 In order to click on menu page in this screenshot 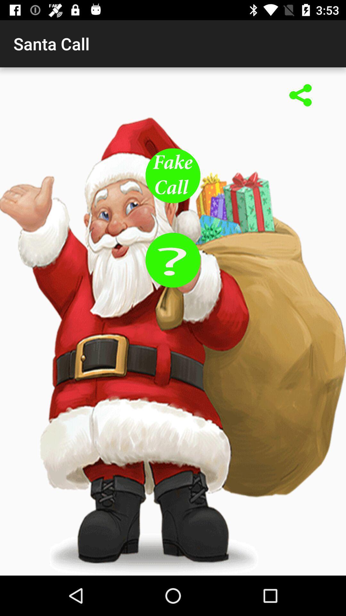, I will do `click(173, 175)`.